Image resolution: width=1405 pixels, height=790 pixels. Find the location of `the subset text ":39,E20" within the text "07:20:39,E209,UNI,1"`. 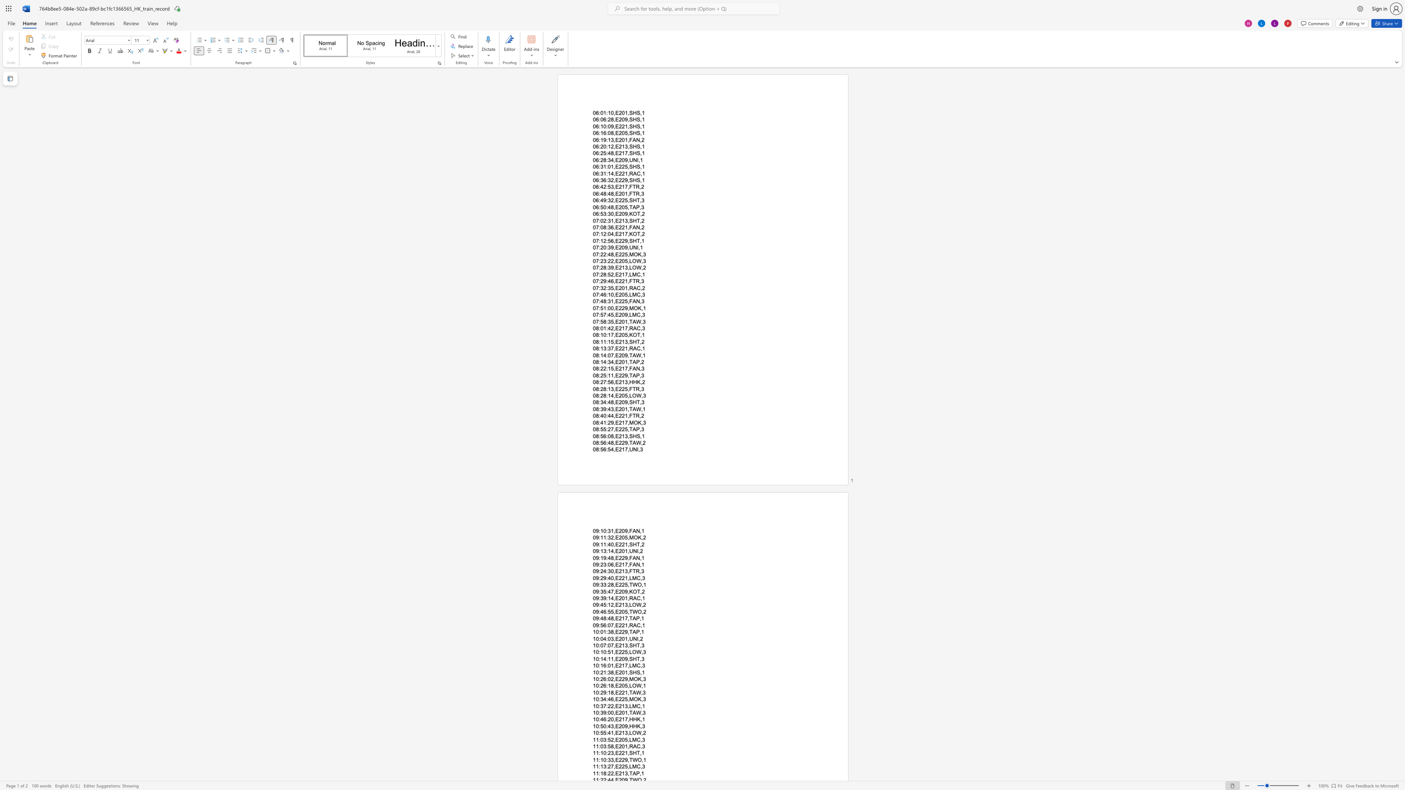

the subset text ":39,E20" within the text "07:20:39,E209,UNI,1" is located at coordinates (606, 247).